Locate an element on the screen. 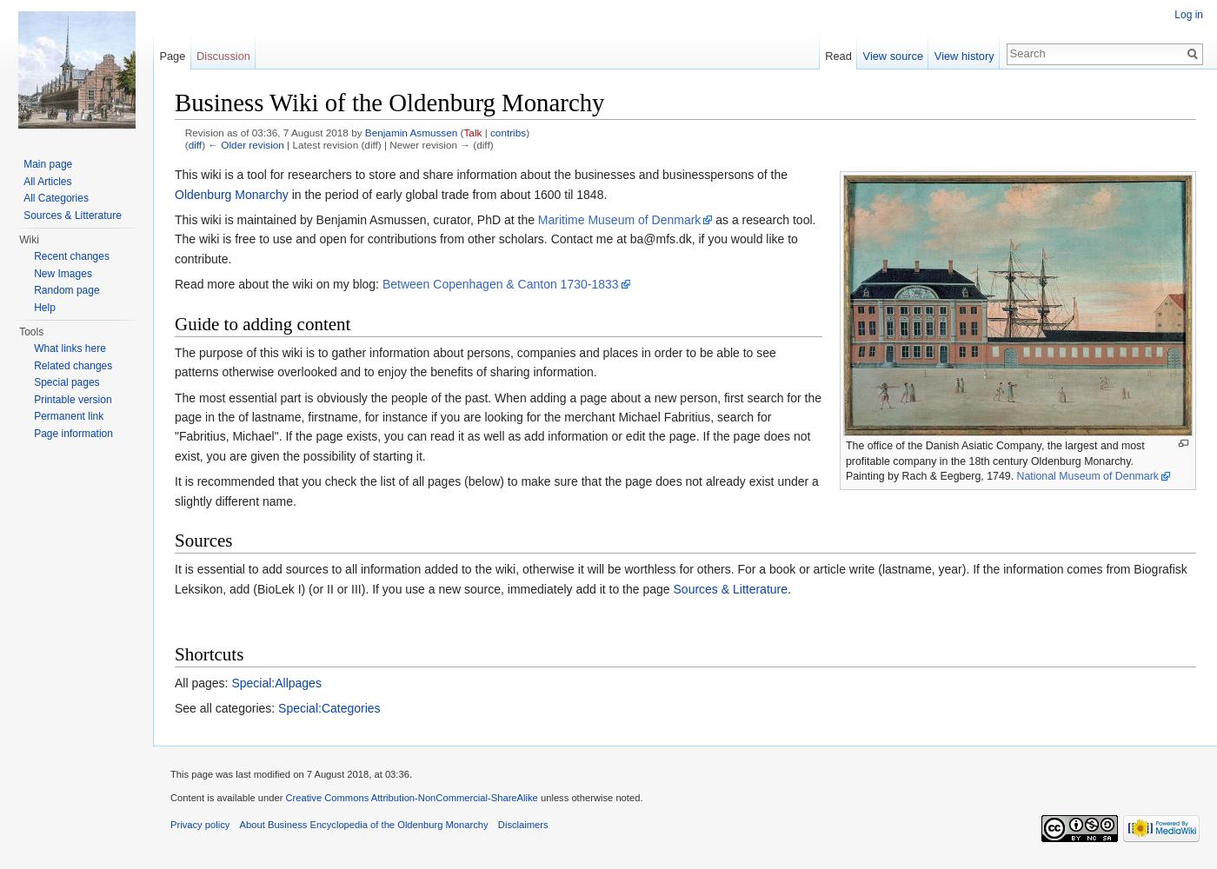  'This page was last modified on 7 August 2018, at 03:36.' is located at coordinates (291, 774).